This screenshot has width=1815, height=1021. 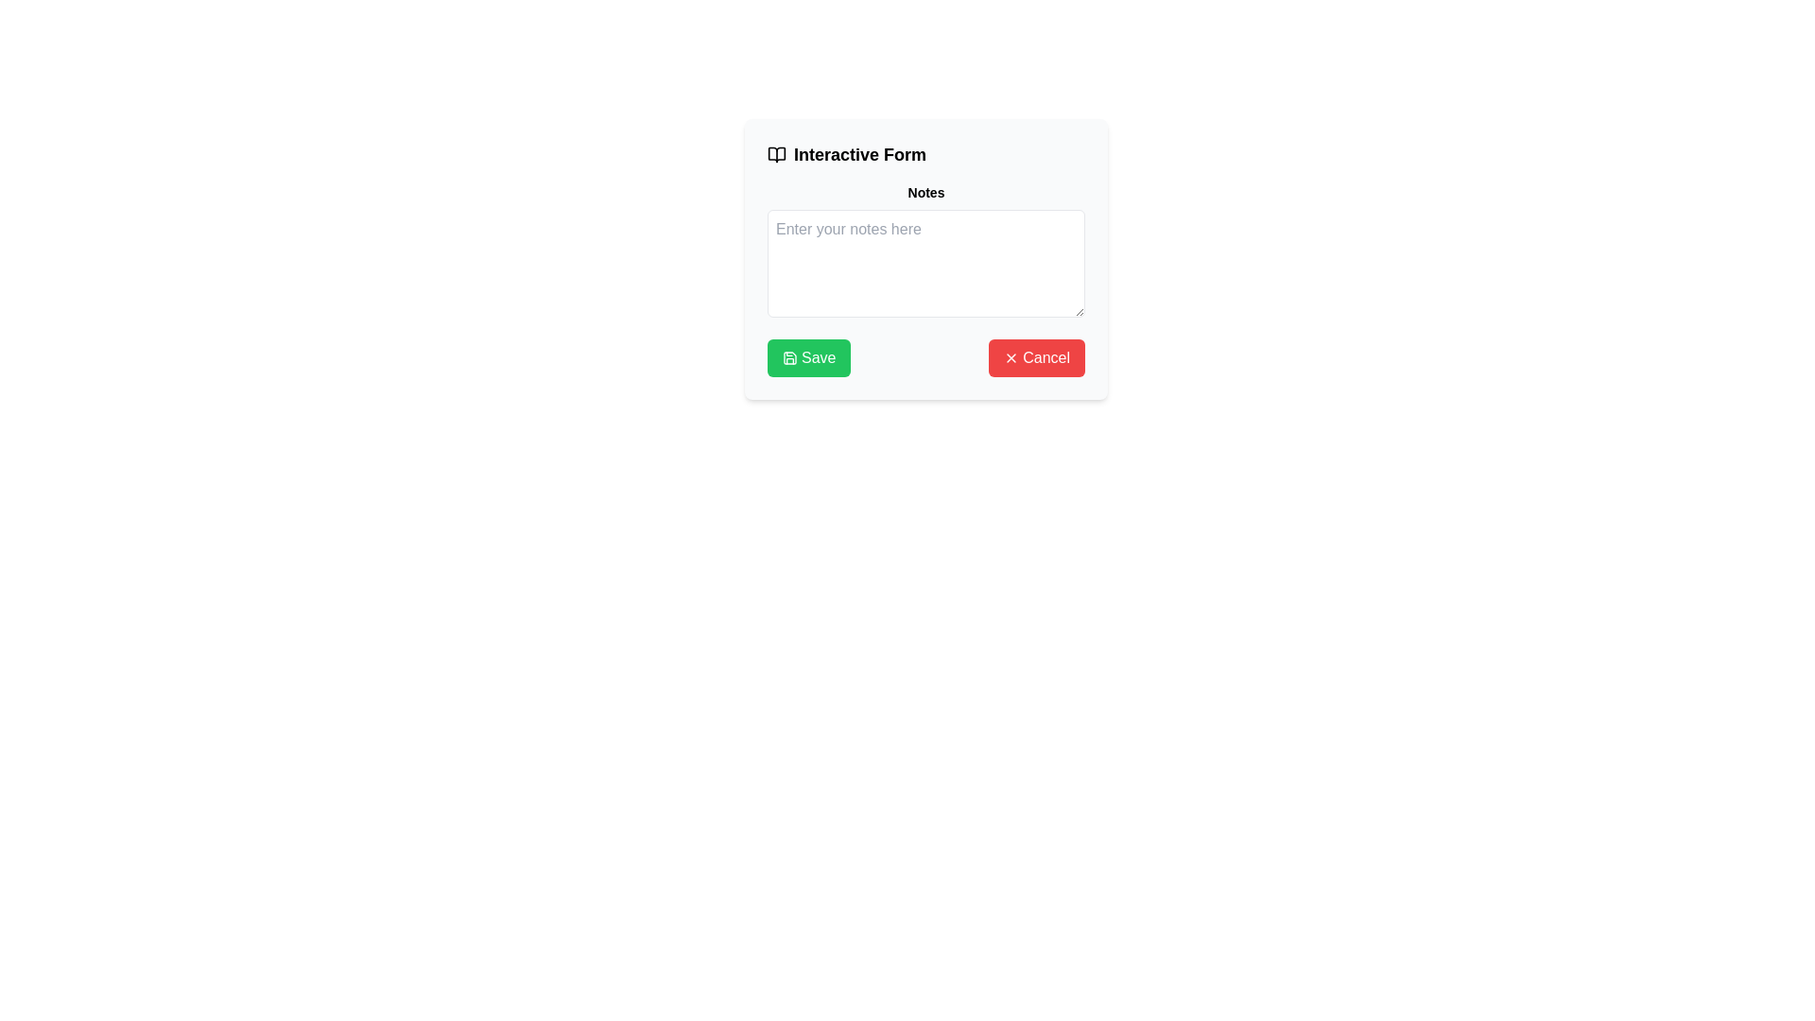 What do you see at coordinates (776, 154) in the screenshot?
I see `the secondary visual element of the open-book-themed icon located at the top of the modal card, immediately to the left of the text 'Interactive Form'` at bounding box center [776, 154].